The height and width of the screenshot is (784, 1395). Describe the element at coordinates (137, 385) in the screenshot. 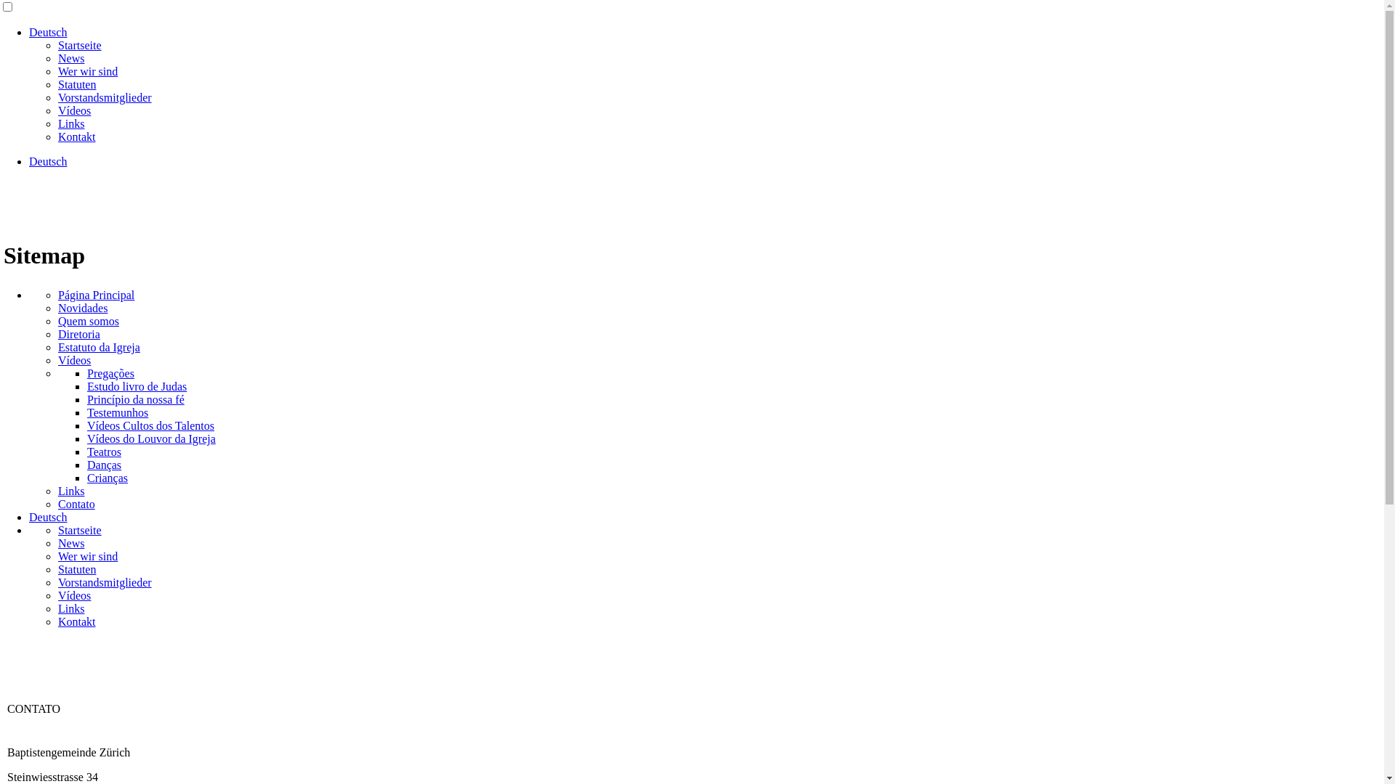

I see `'Estudo livro de Judas'` at that location.